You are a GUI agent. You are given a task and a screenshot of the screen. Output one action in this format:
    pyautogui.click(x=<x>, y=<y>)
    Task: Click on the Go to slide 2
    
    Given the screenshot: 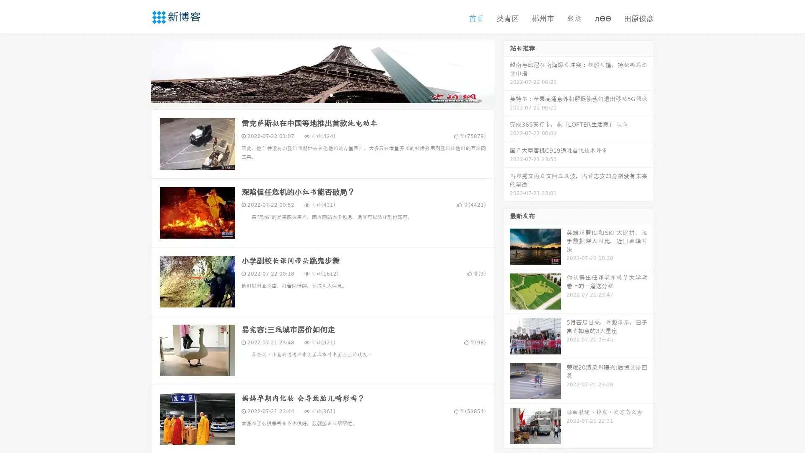 What is the action you would take?
    pyautogui.click(x=322, y=94)
    